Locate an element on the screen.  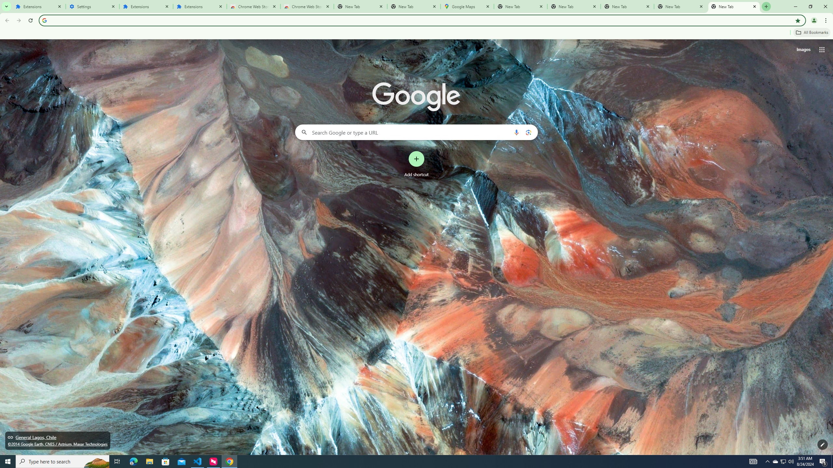
'Customize this page' is located at coordinates (822, 444).